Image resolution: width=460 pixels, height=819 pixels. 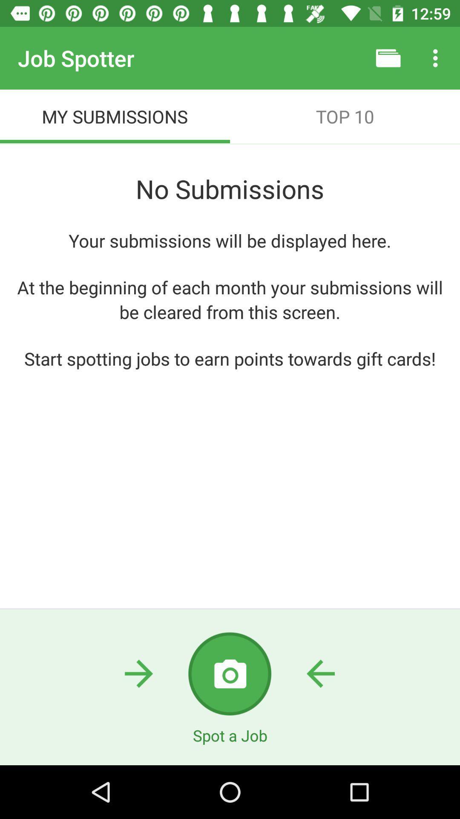 What do you see at coordinates (388, 58) in the screenshot?
I see `the item above the top 10 icon` at bounding box center [388, 58].